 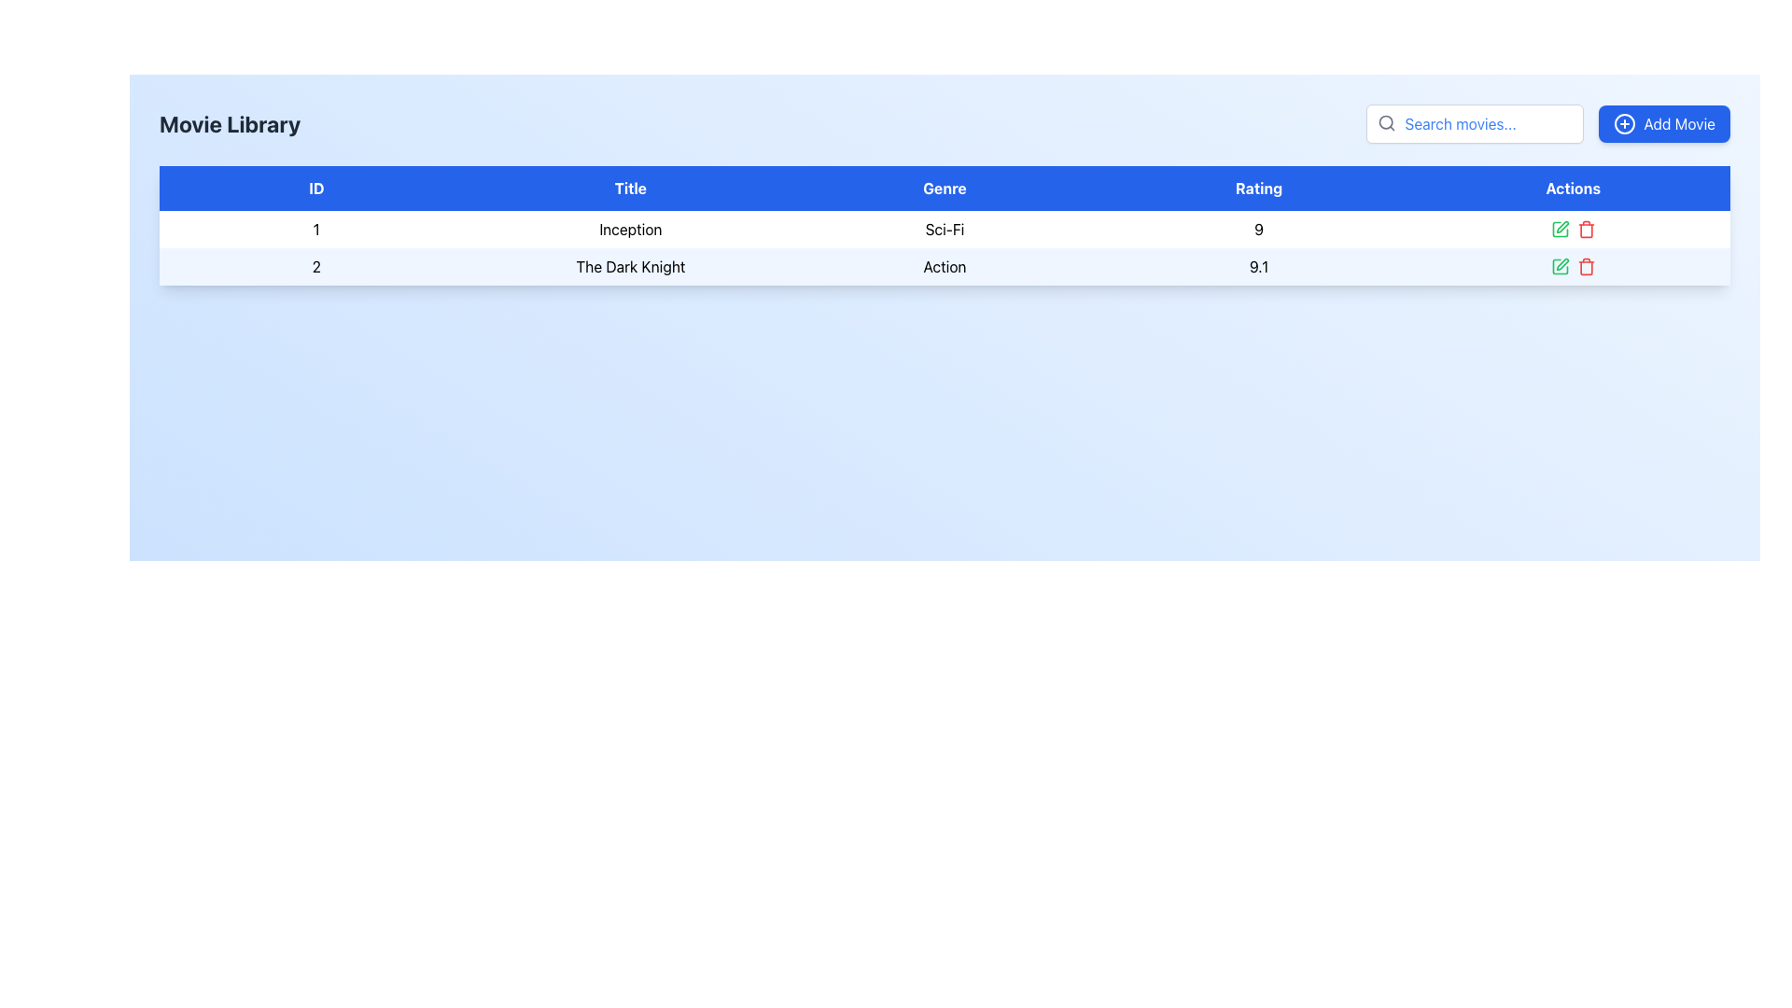 What do you see at coordinates (1258, 266) in the screenshot?
I see `the label displaying '9.1' in the 'Rating' column of the second row of the table` at bounding box center [1258, 266].